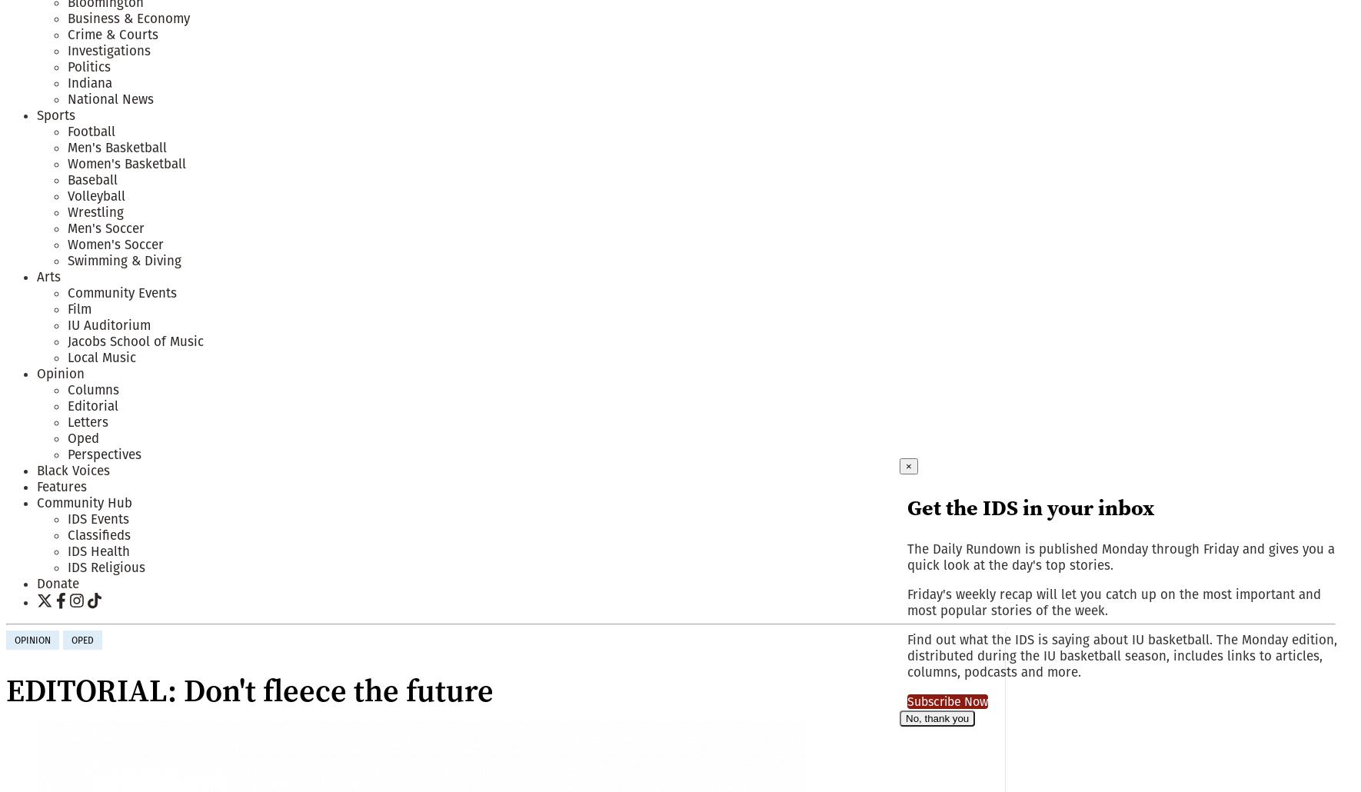  What do you see at coordinates (117, 147) in the screenshot?
I see `'Men's Basketball'` at bounding box center [117, 147].